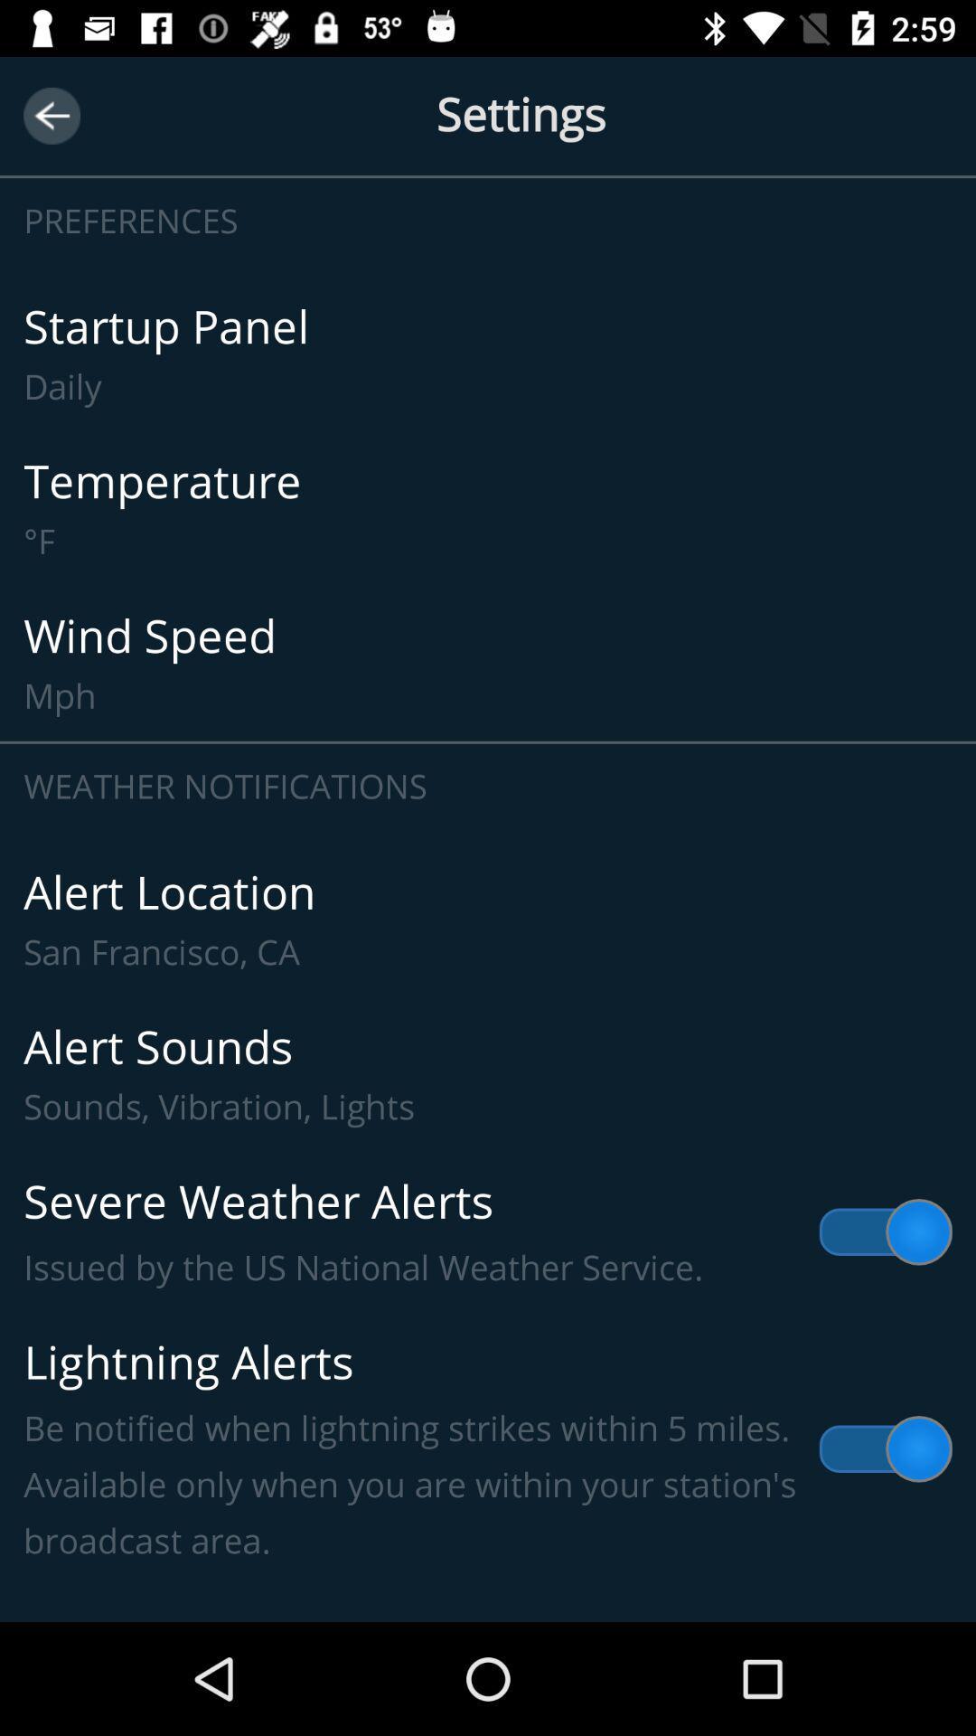 This screenshot has width=976, height=1736. Describe the element at coordinates (51, 115) in the screenshot. I see `the arrow_backward icon` at that location.